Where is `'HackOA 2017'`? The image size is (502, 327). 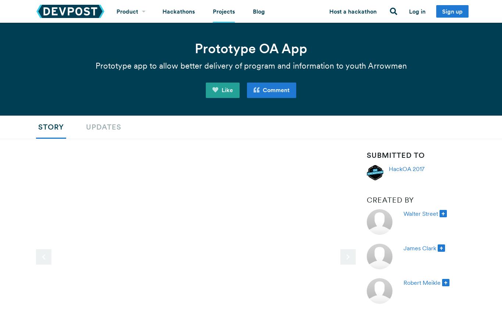 'HackOA 2017' is located at coordinates (406, 168).